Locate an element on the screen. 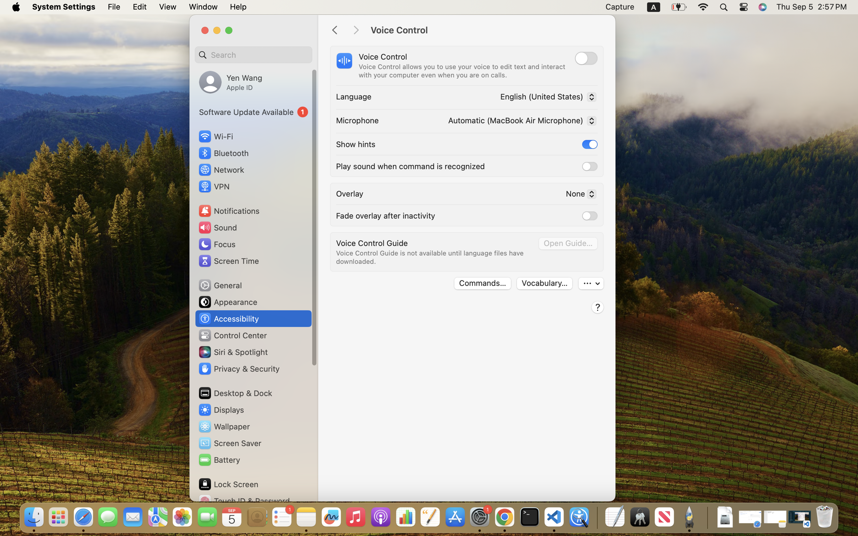  'Notifications' is located at coordinates (228, 210).